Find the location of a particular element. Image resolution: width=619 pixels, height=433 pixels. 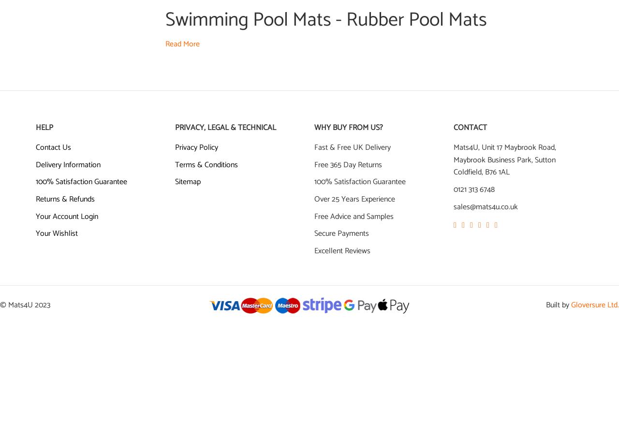

'Delivery Information' is located at coordinates (68, 164).